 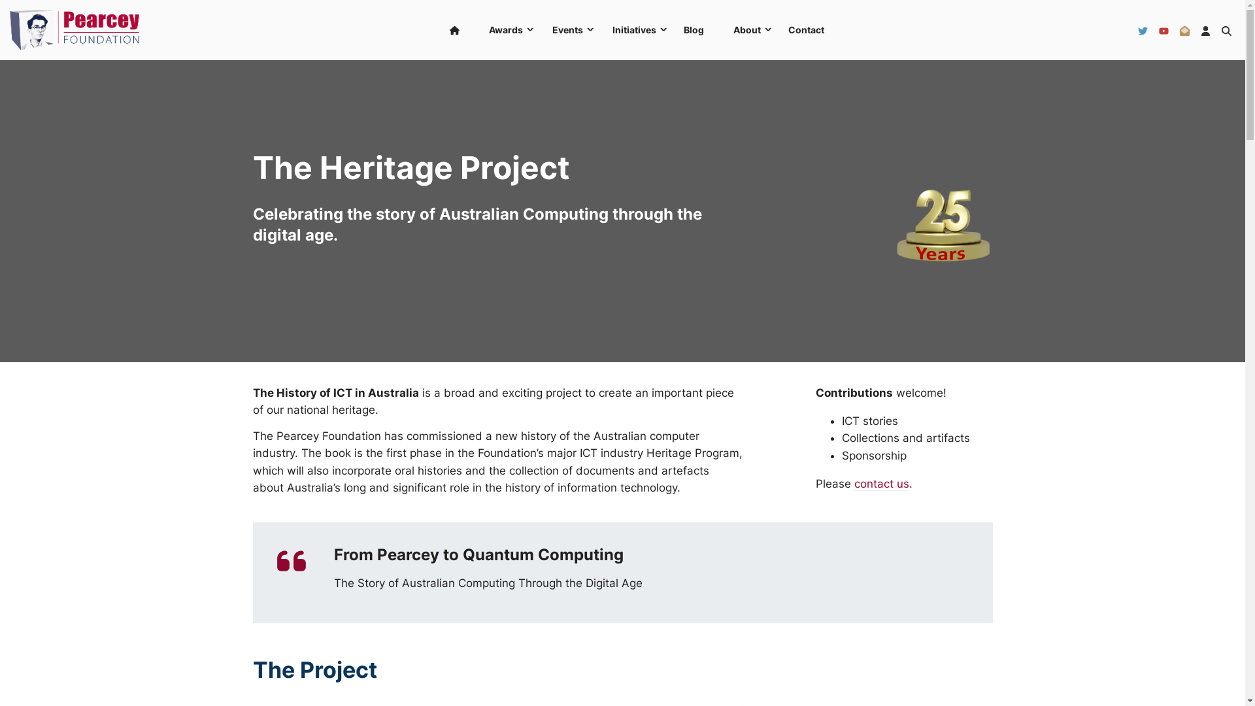 I want to click on 'Initiatives', so click(x=633, y=29).